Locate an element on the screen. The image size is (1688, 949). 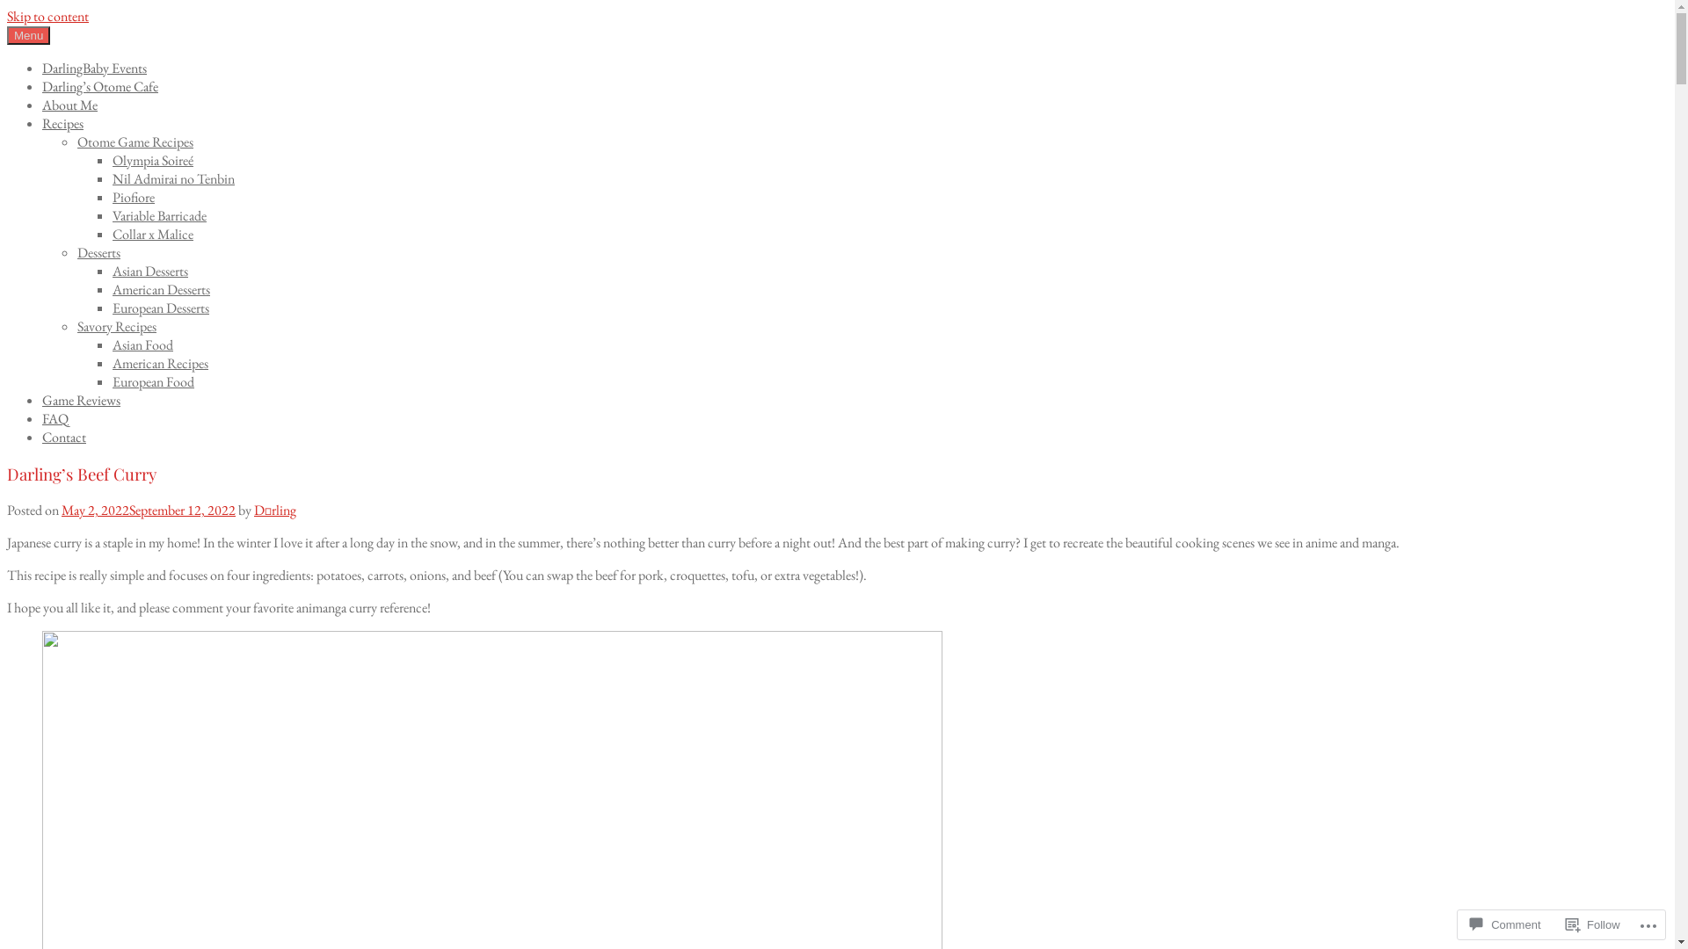
'Recipes' is located at coordinates (42, 122).